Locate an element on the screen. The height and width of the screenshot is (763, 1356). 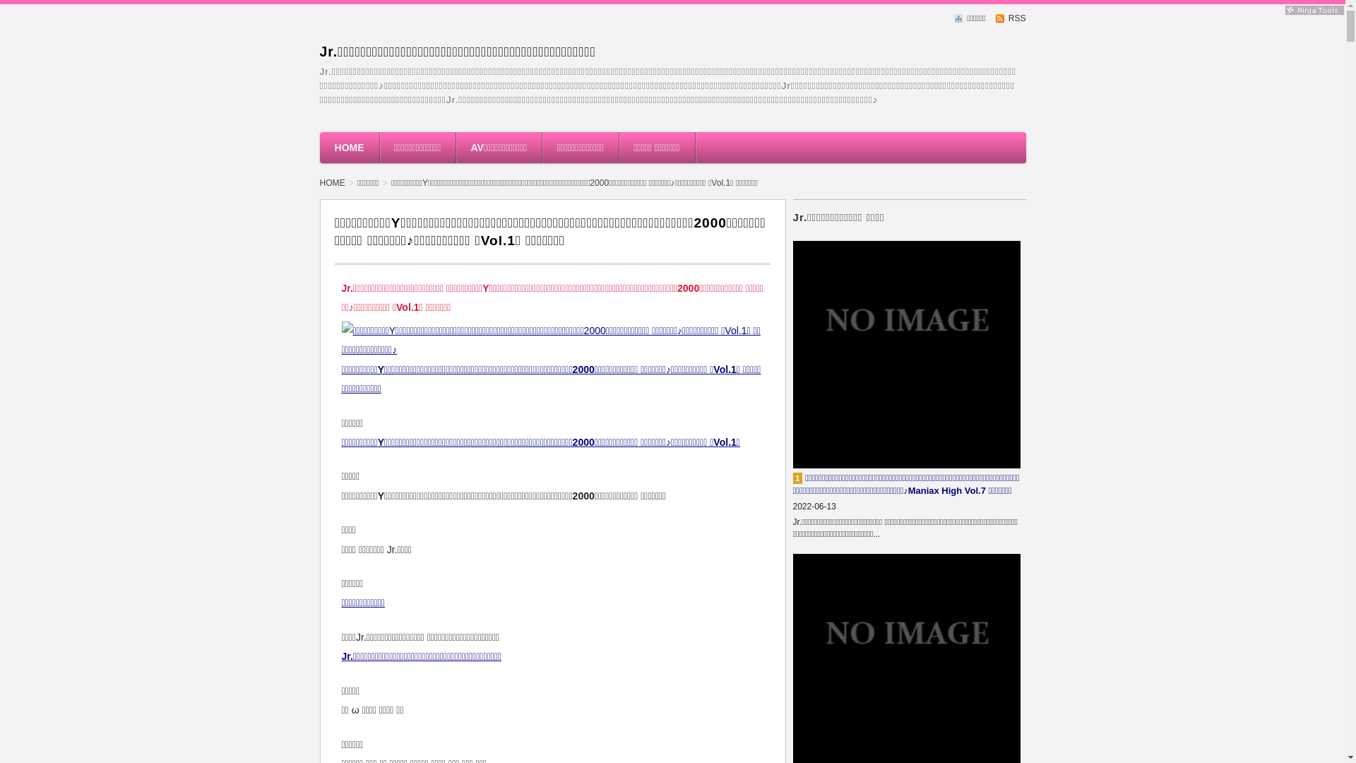
'HOME' is located at coordinates (349, 147).